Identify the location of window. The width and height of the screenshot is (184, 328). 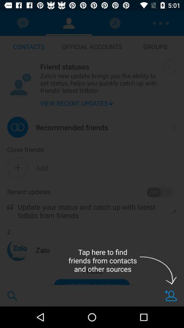
(170, 67).